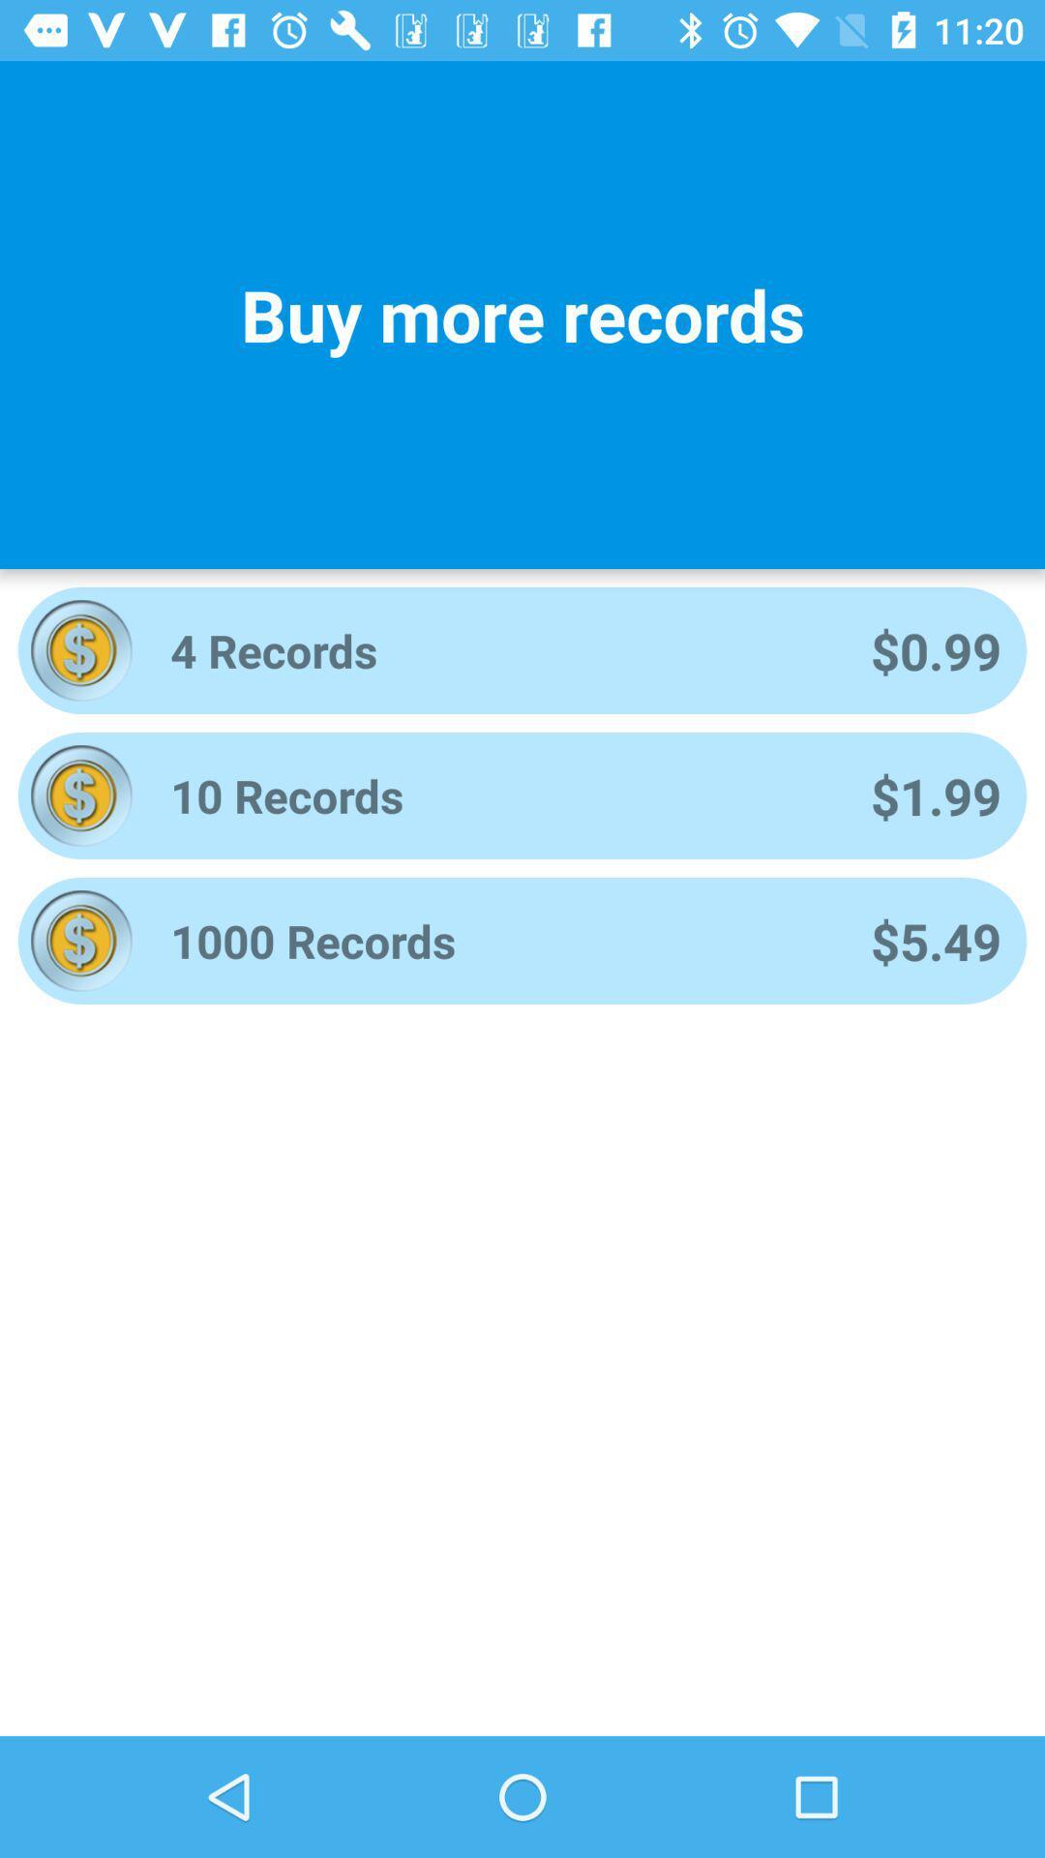 The image size is (1045, 1858). Describe the element at coordinates (493, 650) in the screenshot. I see `app to the left of the $0.99 app` at that location.